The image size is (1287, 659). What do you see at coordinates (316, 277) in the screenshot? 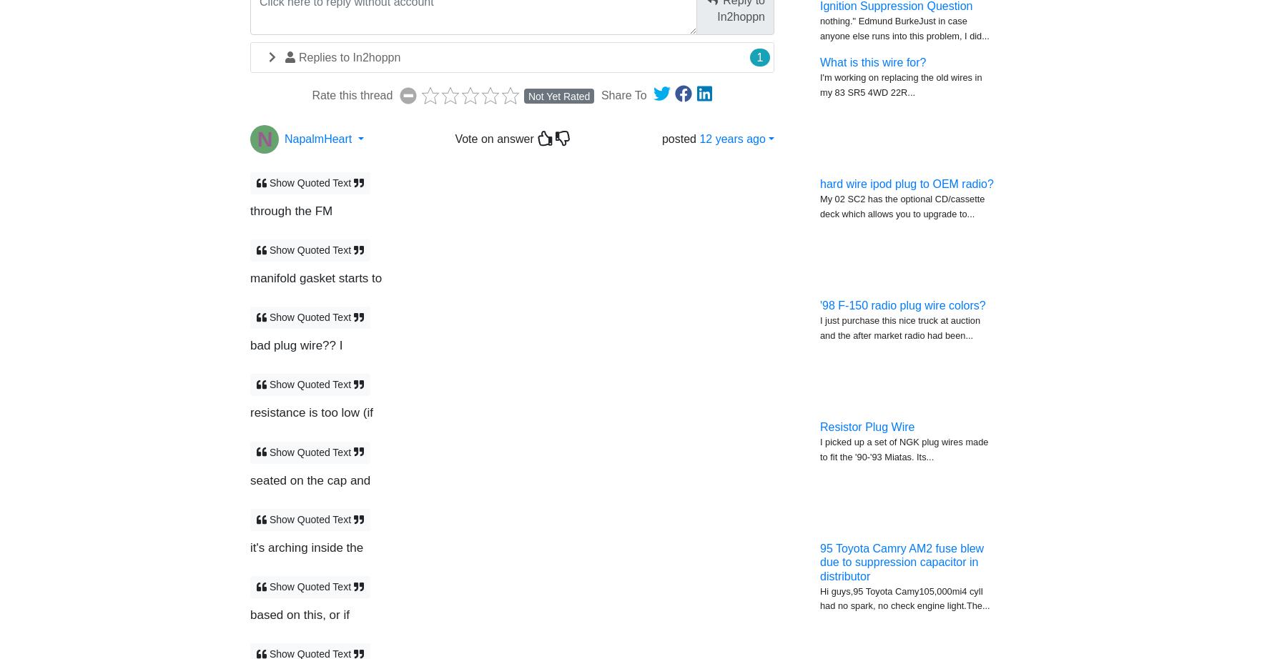
I see `'manifold gasket starts to'` at bounding box center [316, 277].